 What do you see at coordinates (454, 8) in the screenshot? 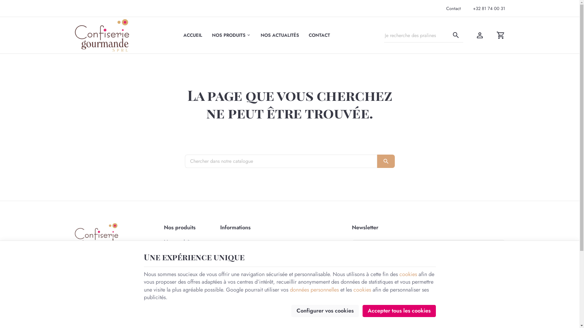
I see `'Contact'` at bounding box center [454, 8].